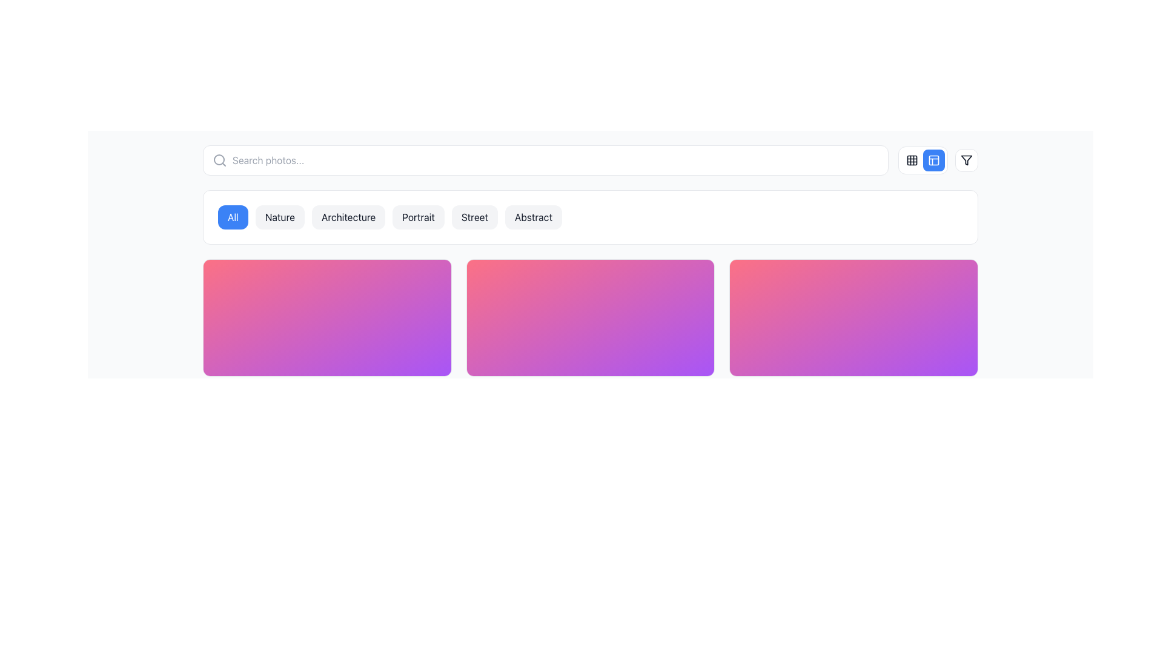 The width and height of the screenshot is (1163, 654). What do you see at coordinates (668, 280) in the screenshot?
I see `the interactive button located at the top-right corner of the second card in the grid` at bounding box center [668, 280].